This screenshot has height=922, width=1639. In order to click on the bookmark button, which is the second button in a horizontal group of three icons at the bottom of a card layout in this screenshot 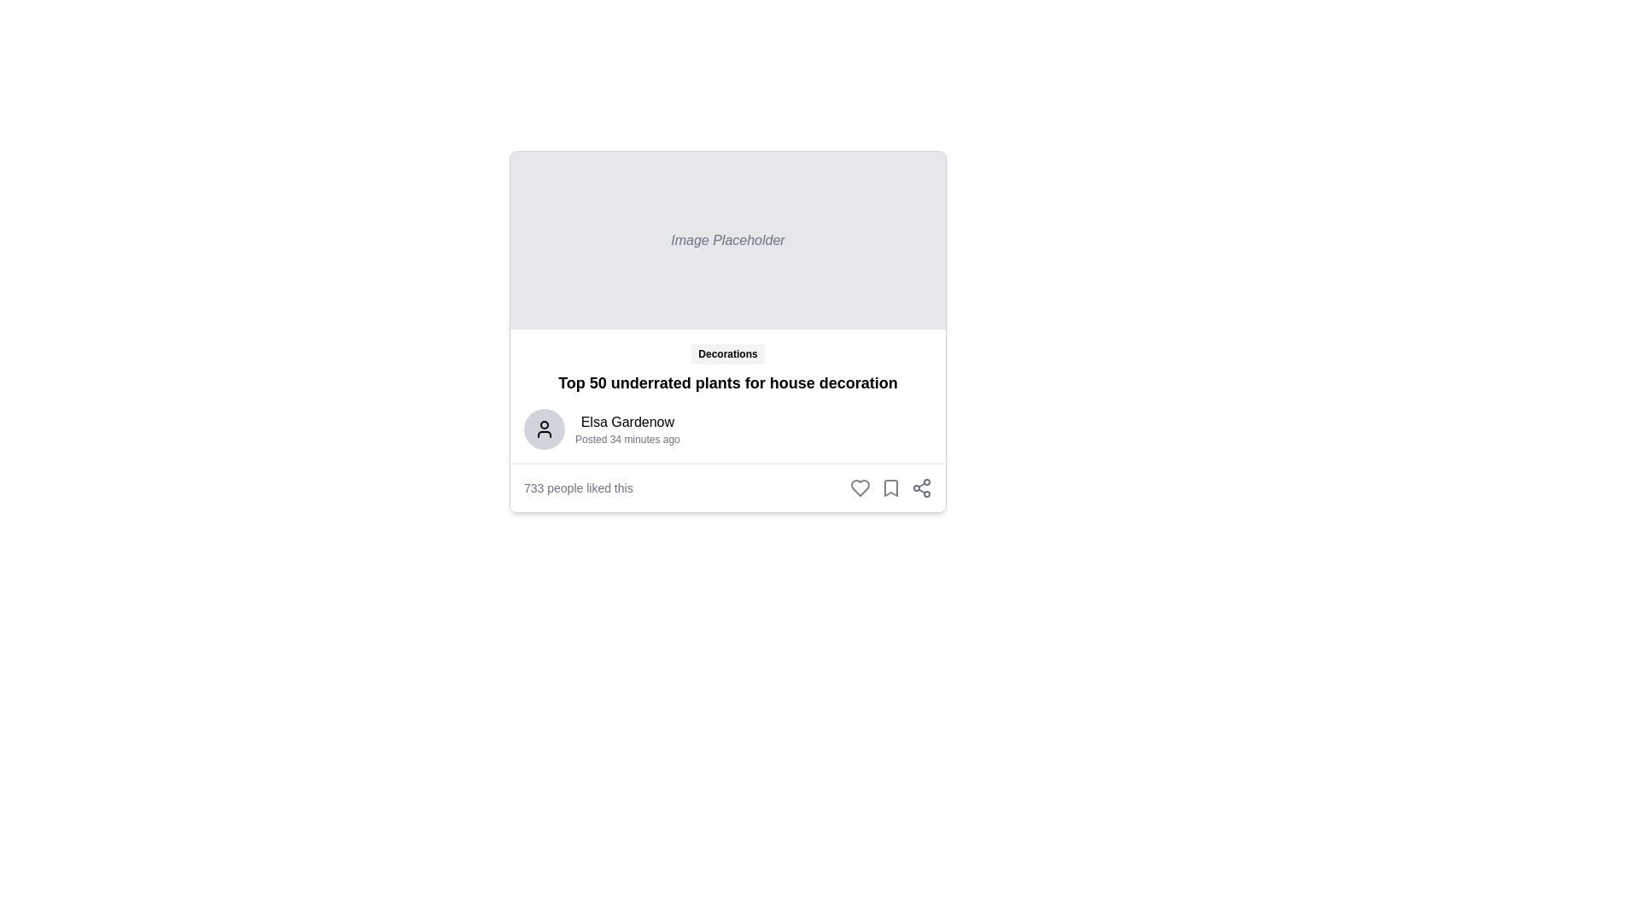, I will do `click(889, 487)`.